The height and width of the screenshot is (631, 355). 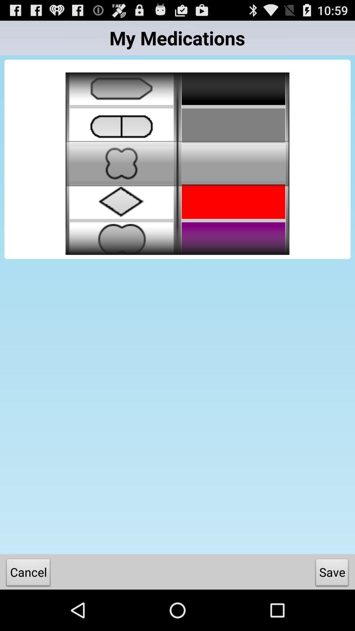 What do you see at coordinates (332, 573) in the screenshot?
I see `item at the bottom right corner` at bounding box center [332, 573].